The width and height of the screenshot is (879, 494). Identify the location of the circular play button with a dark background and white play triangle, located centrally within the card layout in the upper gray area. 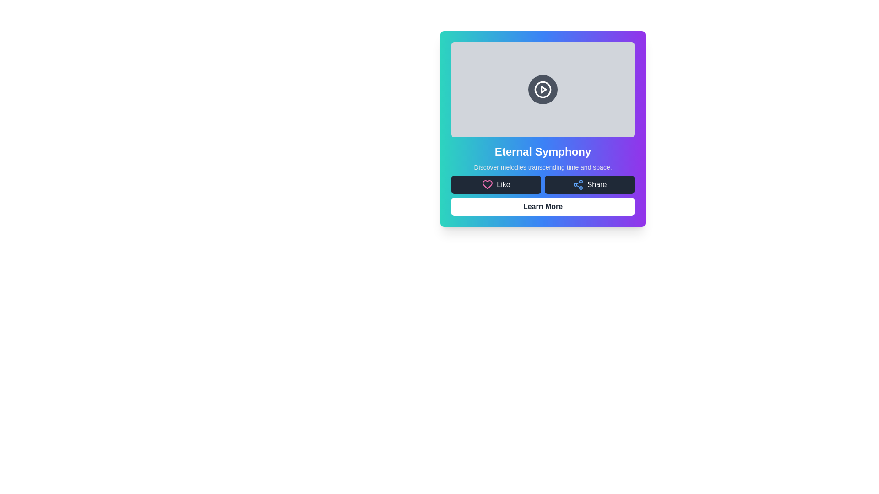
(543, 90).